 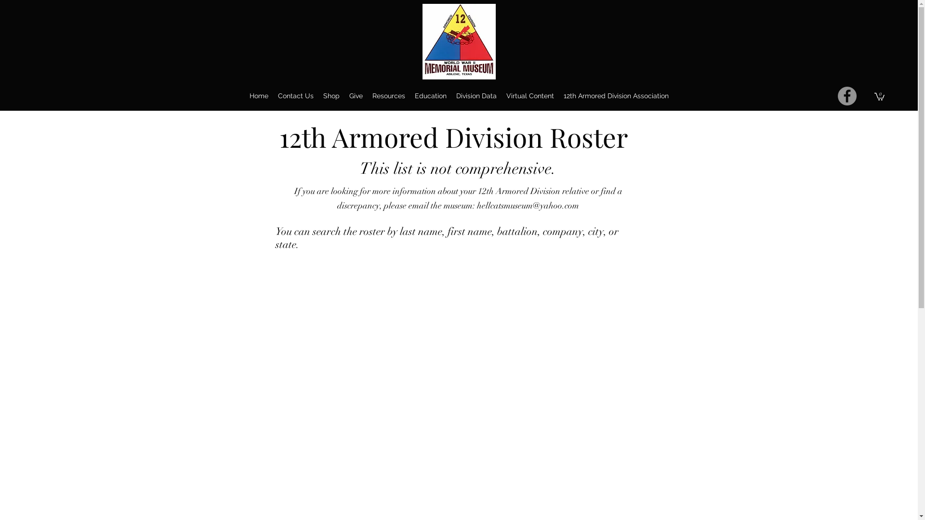 I want to click on 'Contact Us', so click(x=295, y=96).